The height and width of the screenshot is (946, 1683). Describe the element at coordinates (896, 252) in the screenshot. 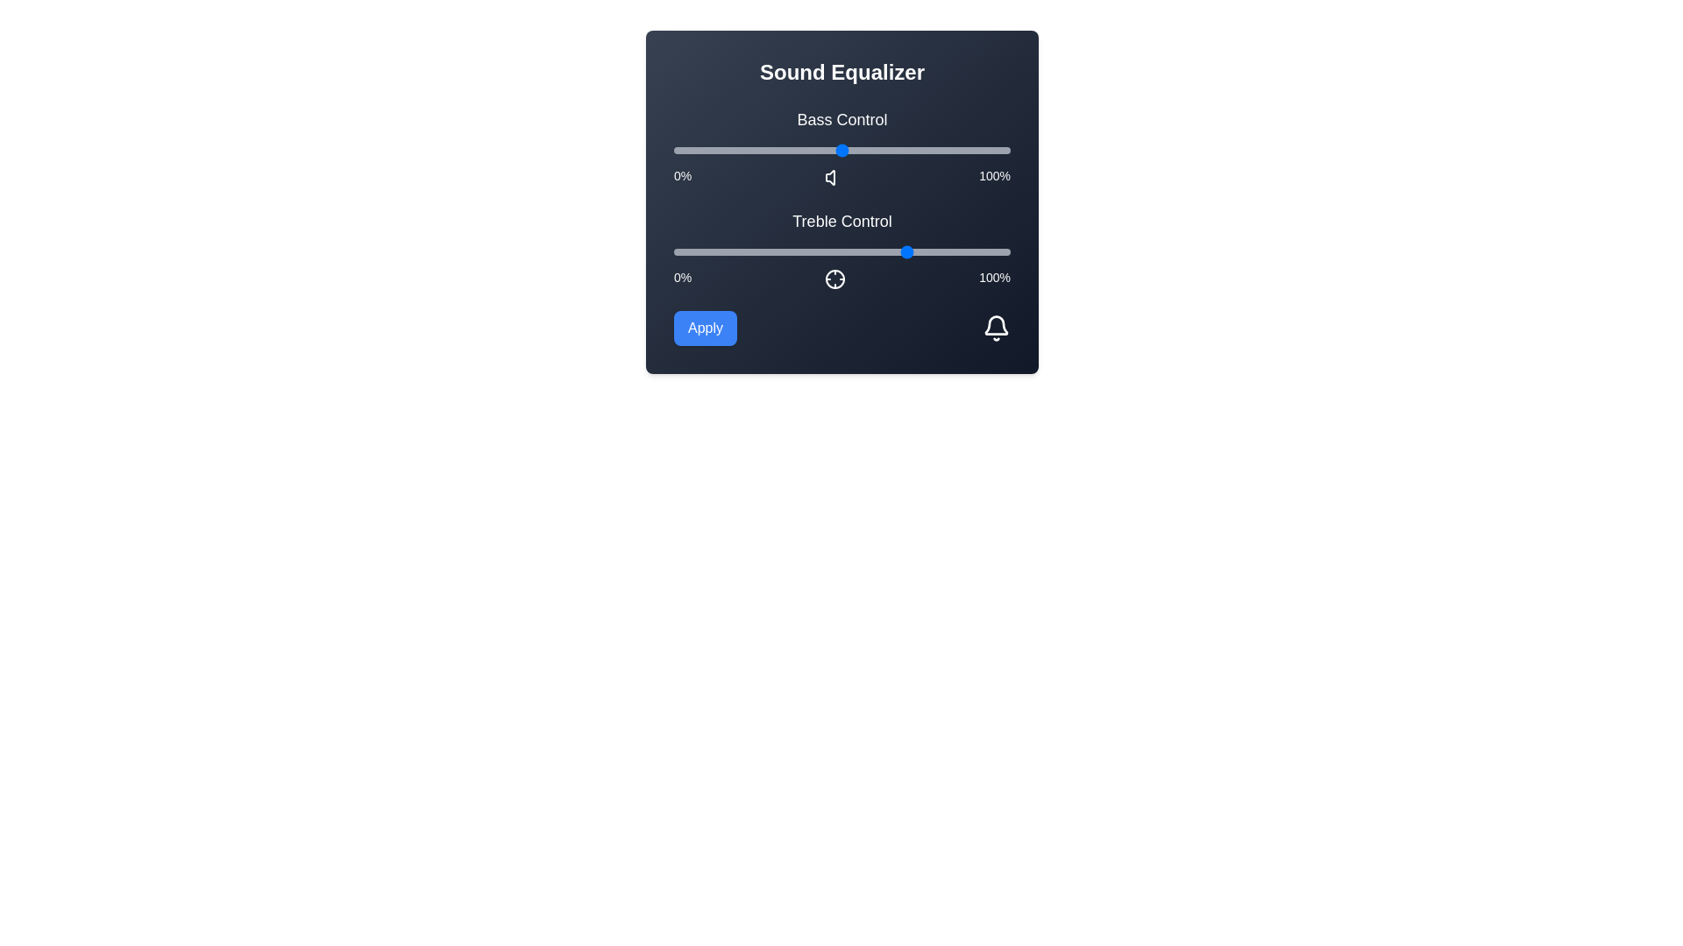

I see `the treble slider to 66%` at that location.